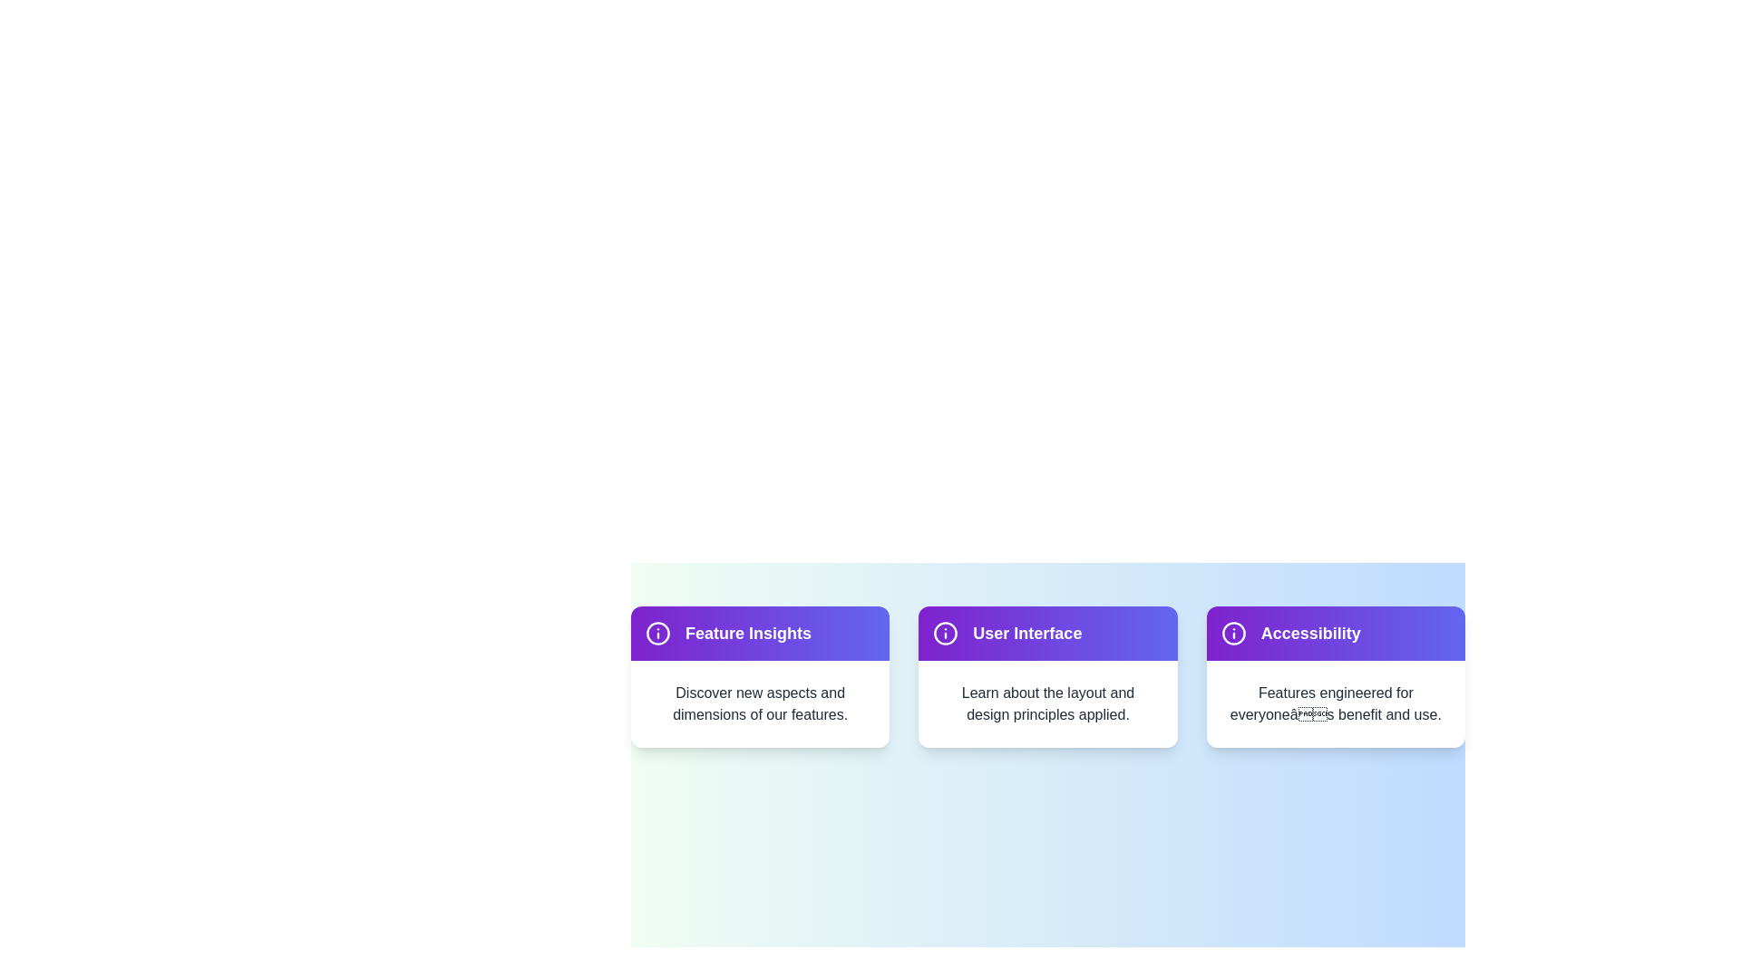 The image size is (1741, 979). What do you see at coordinates (760, 703) in the screenshot?
I see `the static text element that displays the sentence 'Discover new aspects and dimensions of our features,' located beneath the 'Feature Insights' header` at bounding box center [760, 703].